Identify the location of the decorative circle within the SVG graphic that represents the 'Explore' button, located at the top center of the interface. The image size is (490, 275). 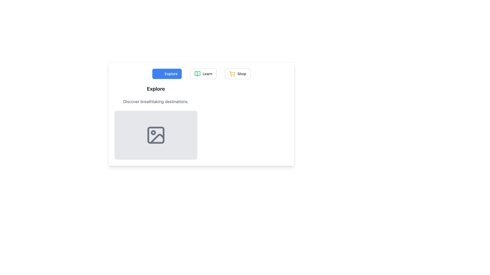
(159, 74).